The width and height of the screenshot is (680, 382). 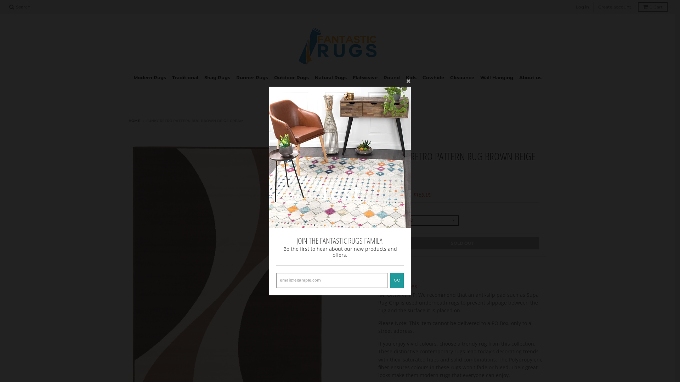 I want to click on 'Search', so click(x=20, y=7).